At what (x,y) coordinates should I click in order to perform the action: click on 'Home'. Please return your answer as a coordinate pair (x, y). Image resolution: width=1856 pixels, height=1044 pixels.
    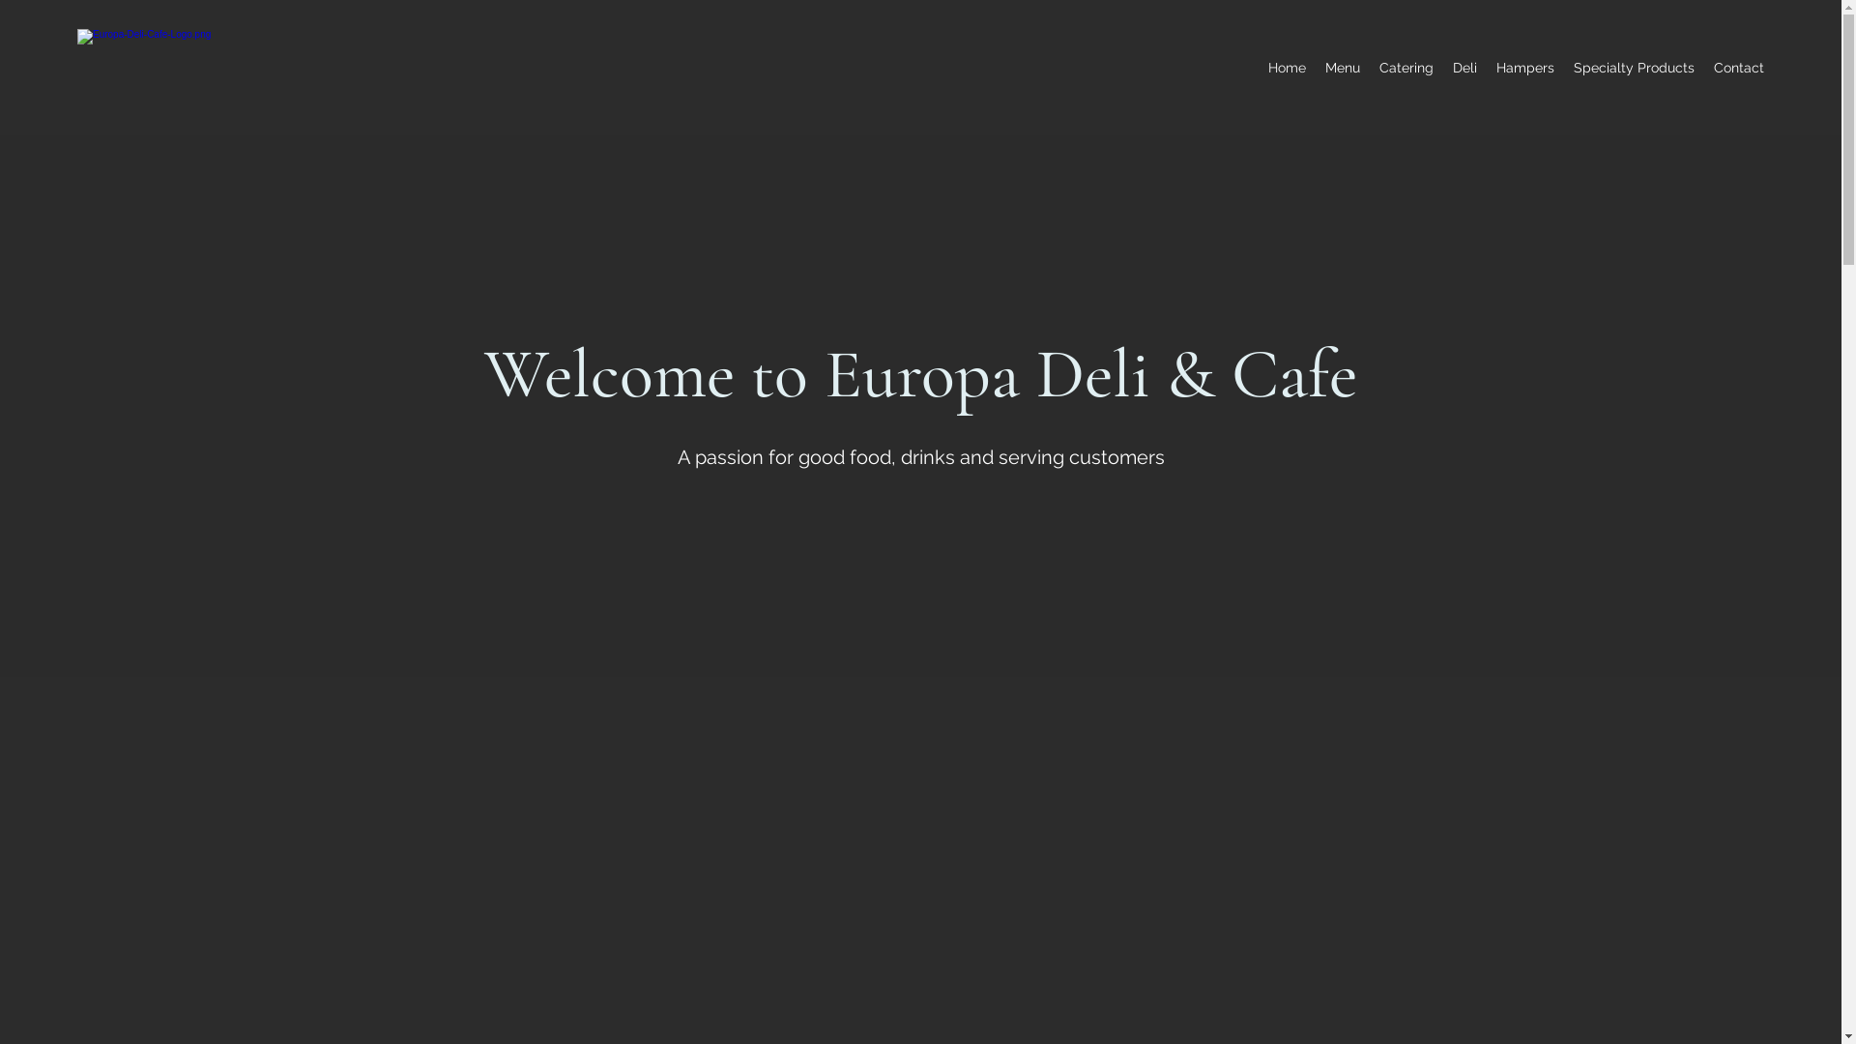
    Looking at the image, I should click on (1287, 66).